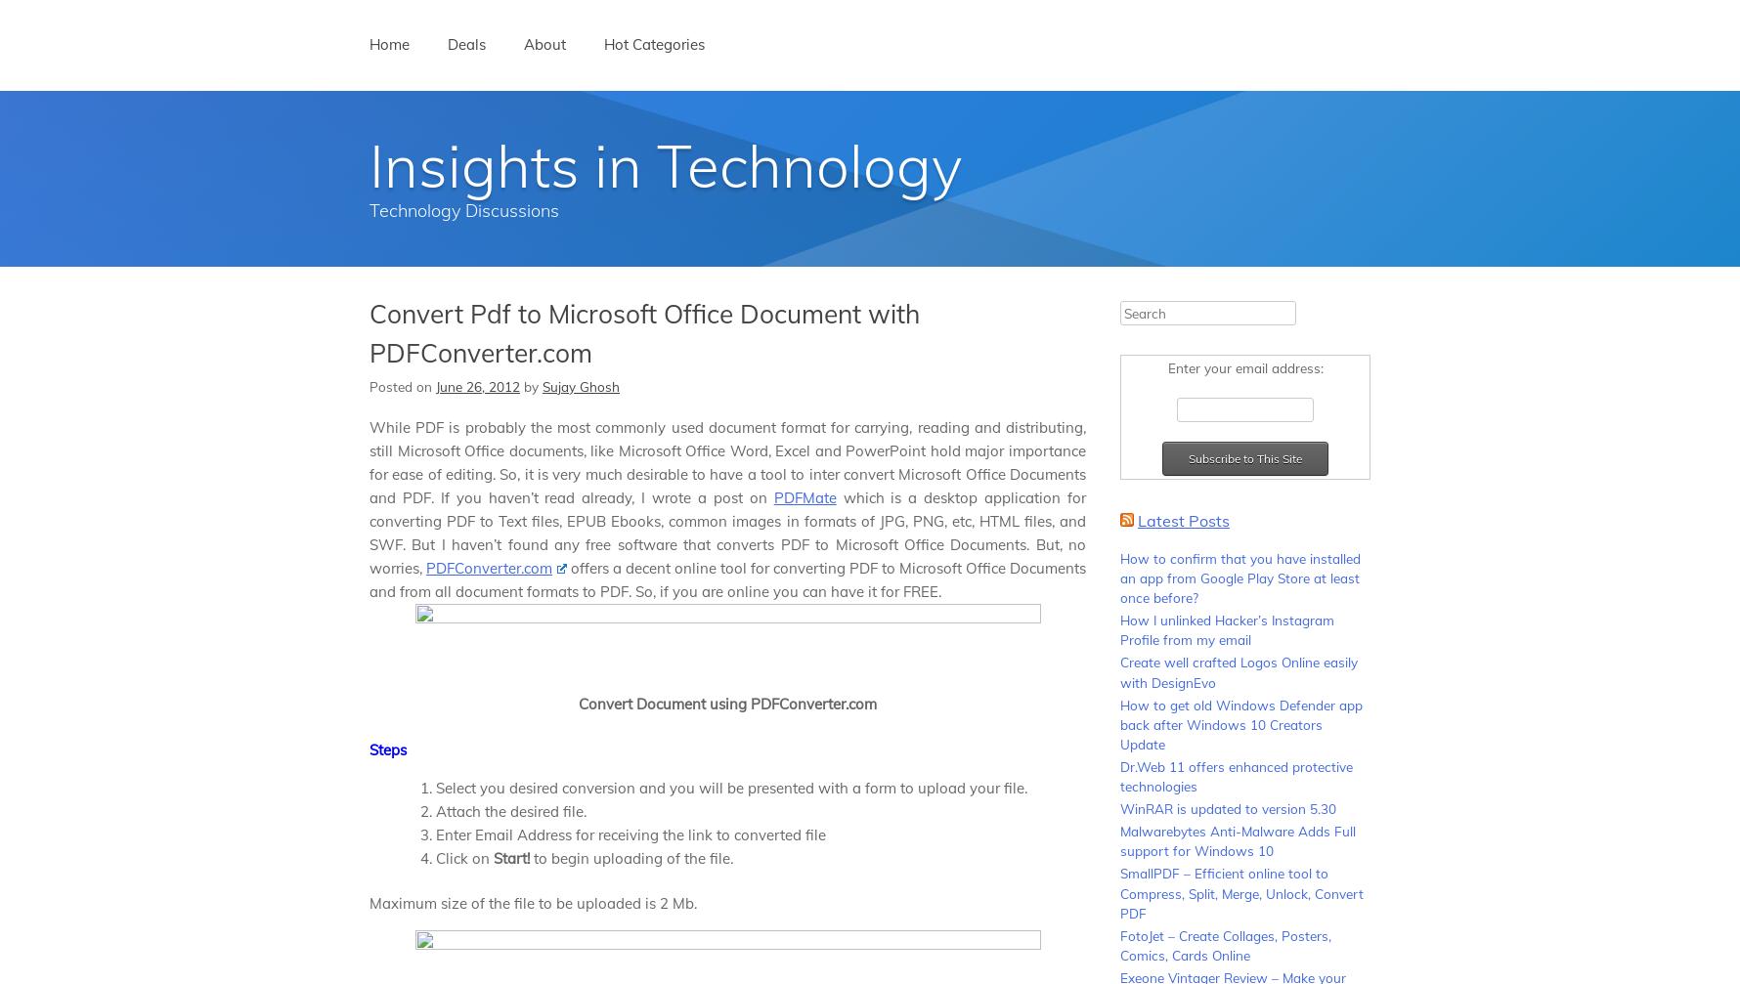  I want to click on 'How to get old Windows Defender app back after Windows 10 Creators Update', so click(1240, 722).